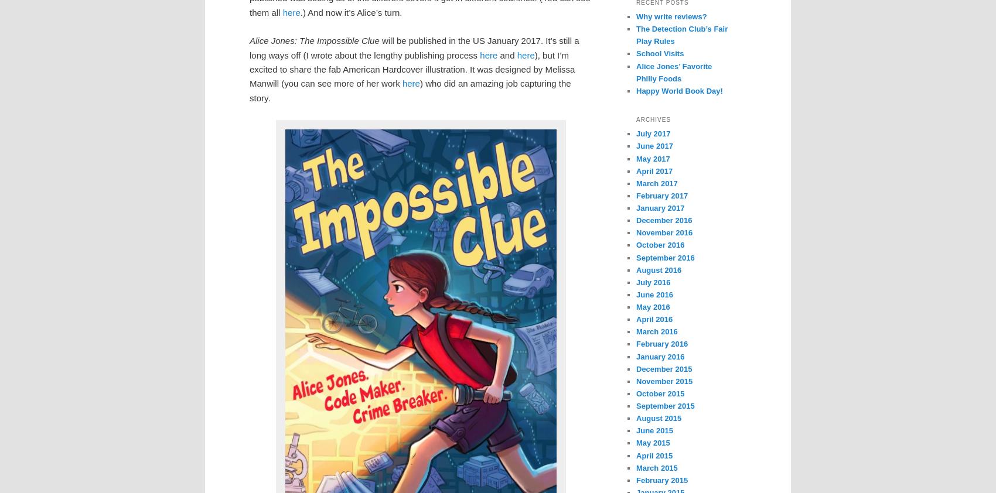 The image size is (996, 493). Describe the element at coordinates (350, 11) in the screenshot. I see `'.) And now it’s Alice’s turn.'` at that location.